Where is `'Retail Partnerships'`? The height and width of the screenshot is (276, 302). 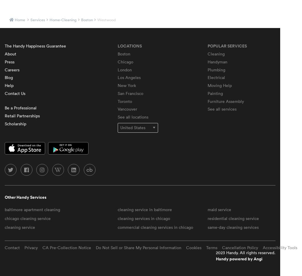
'Retail Partnerships' is located at coordinates (22, 115).